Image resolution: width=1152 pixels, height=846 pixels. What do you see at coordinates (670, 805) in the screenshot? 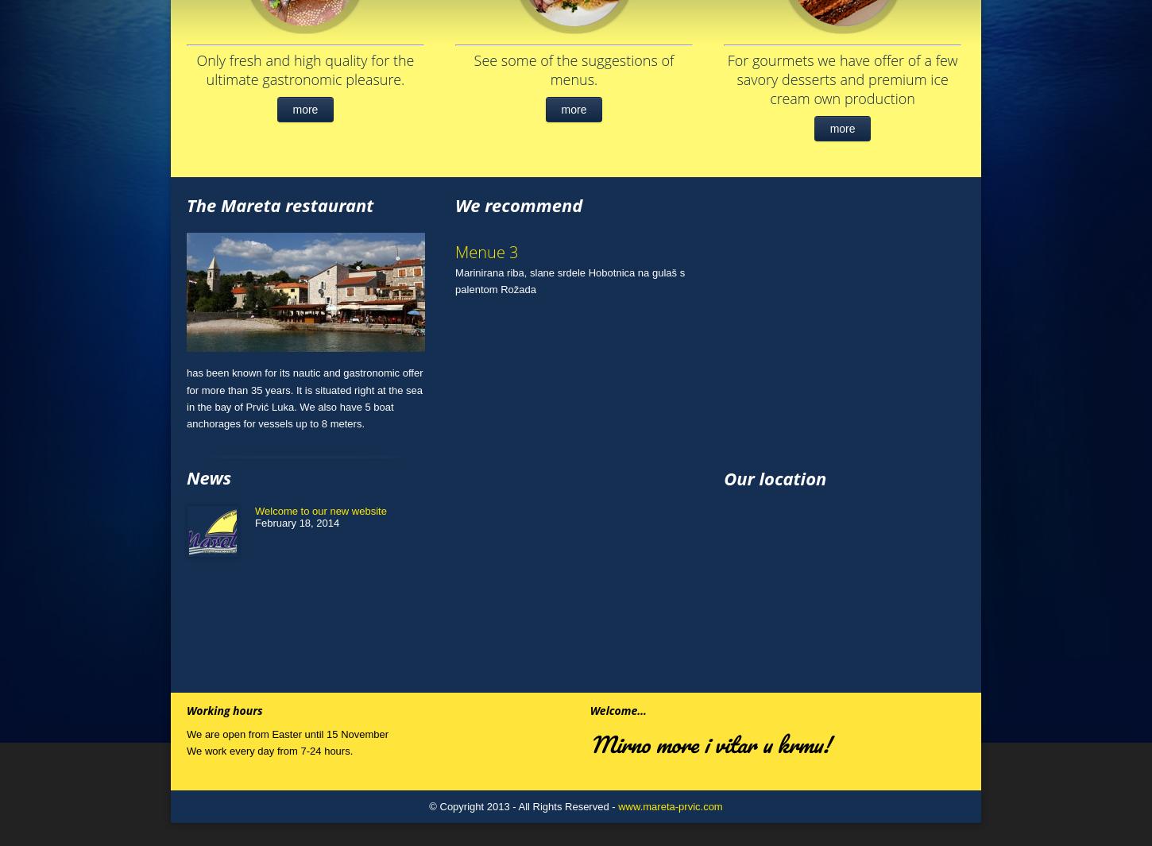
I see `'www.mareta-prvic.com'` at bounding box center [670, 805].